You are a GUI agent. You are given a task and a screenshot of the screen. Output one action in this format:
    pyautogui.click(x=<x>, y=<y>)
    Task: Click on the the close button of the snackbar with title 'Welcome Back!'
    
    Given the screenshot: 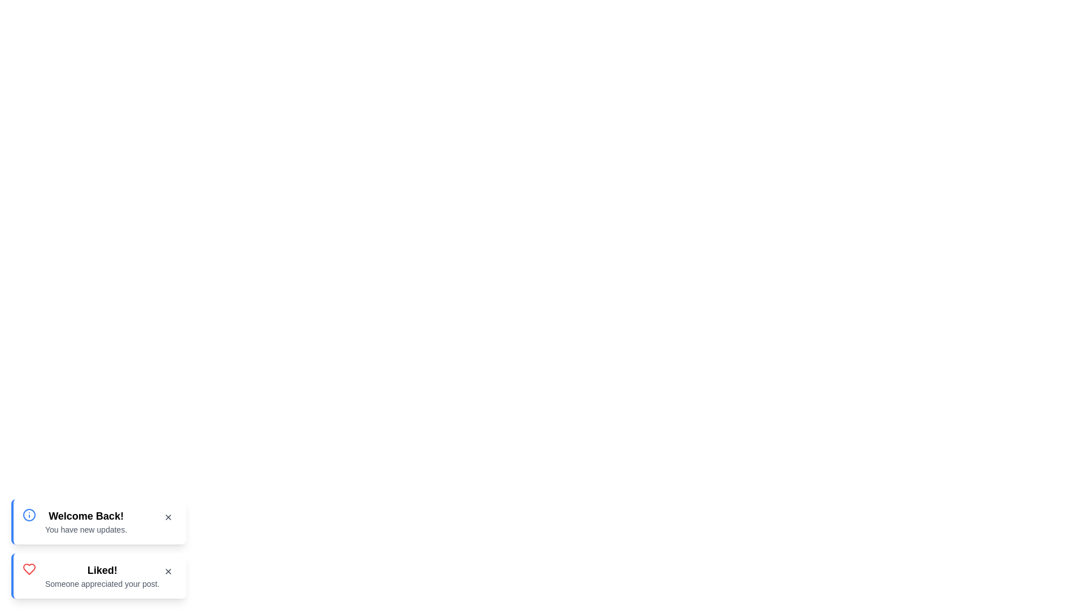 What is the action you would take?
    pyautogui.click(x=168, y=517)
    